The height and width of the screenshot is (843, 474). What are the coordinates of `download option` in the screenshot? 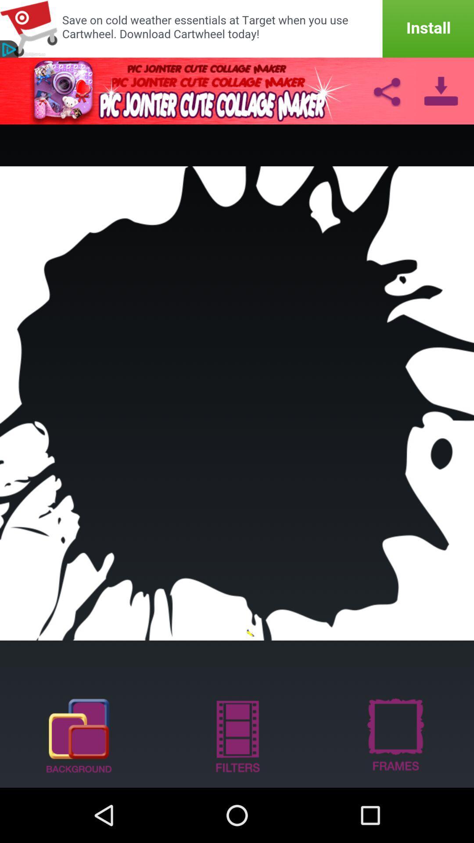 It's located at (441, 90).